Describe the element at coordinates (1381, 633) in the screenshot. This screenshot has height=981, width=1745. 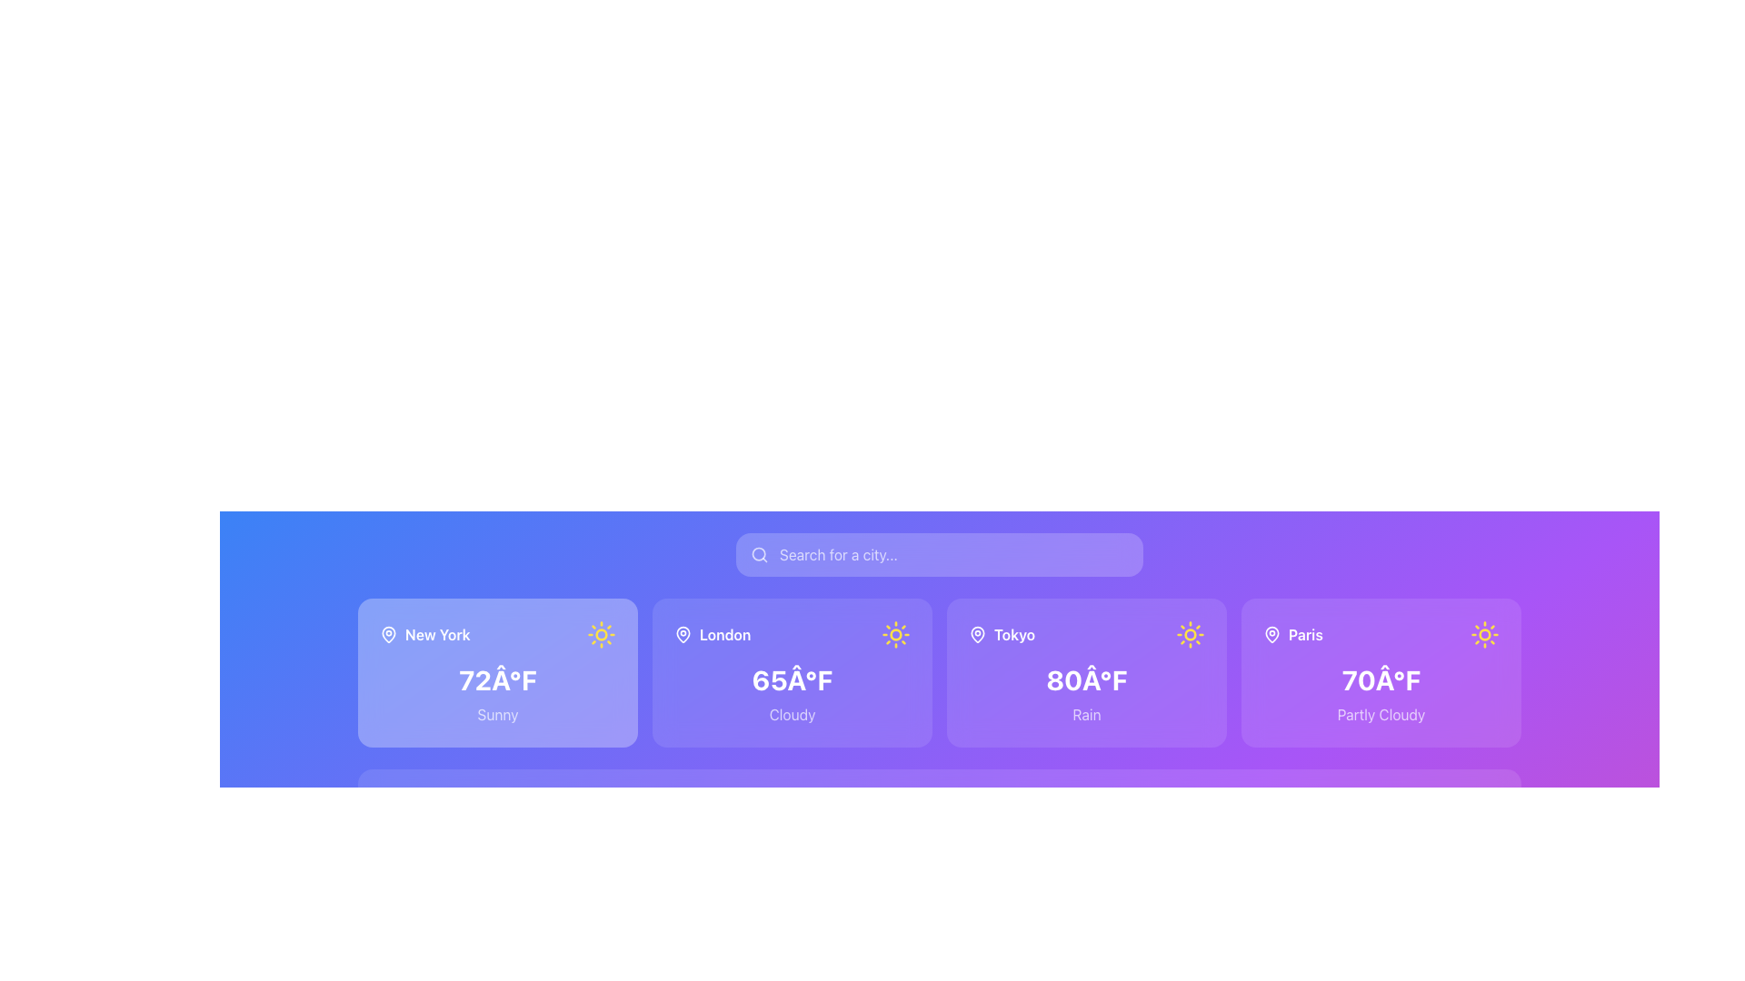
I see `the weather information displayed in the 'Paris' label with icons, which is located in the top section of the Paris card on the weather dashboard` at that location.